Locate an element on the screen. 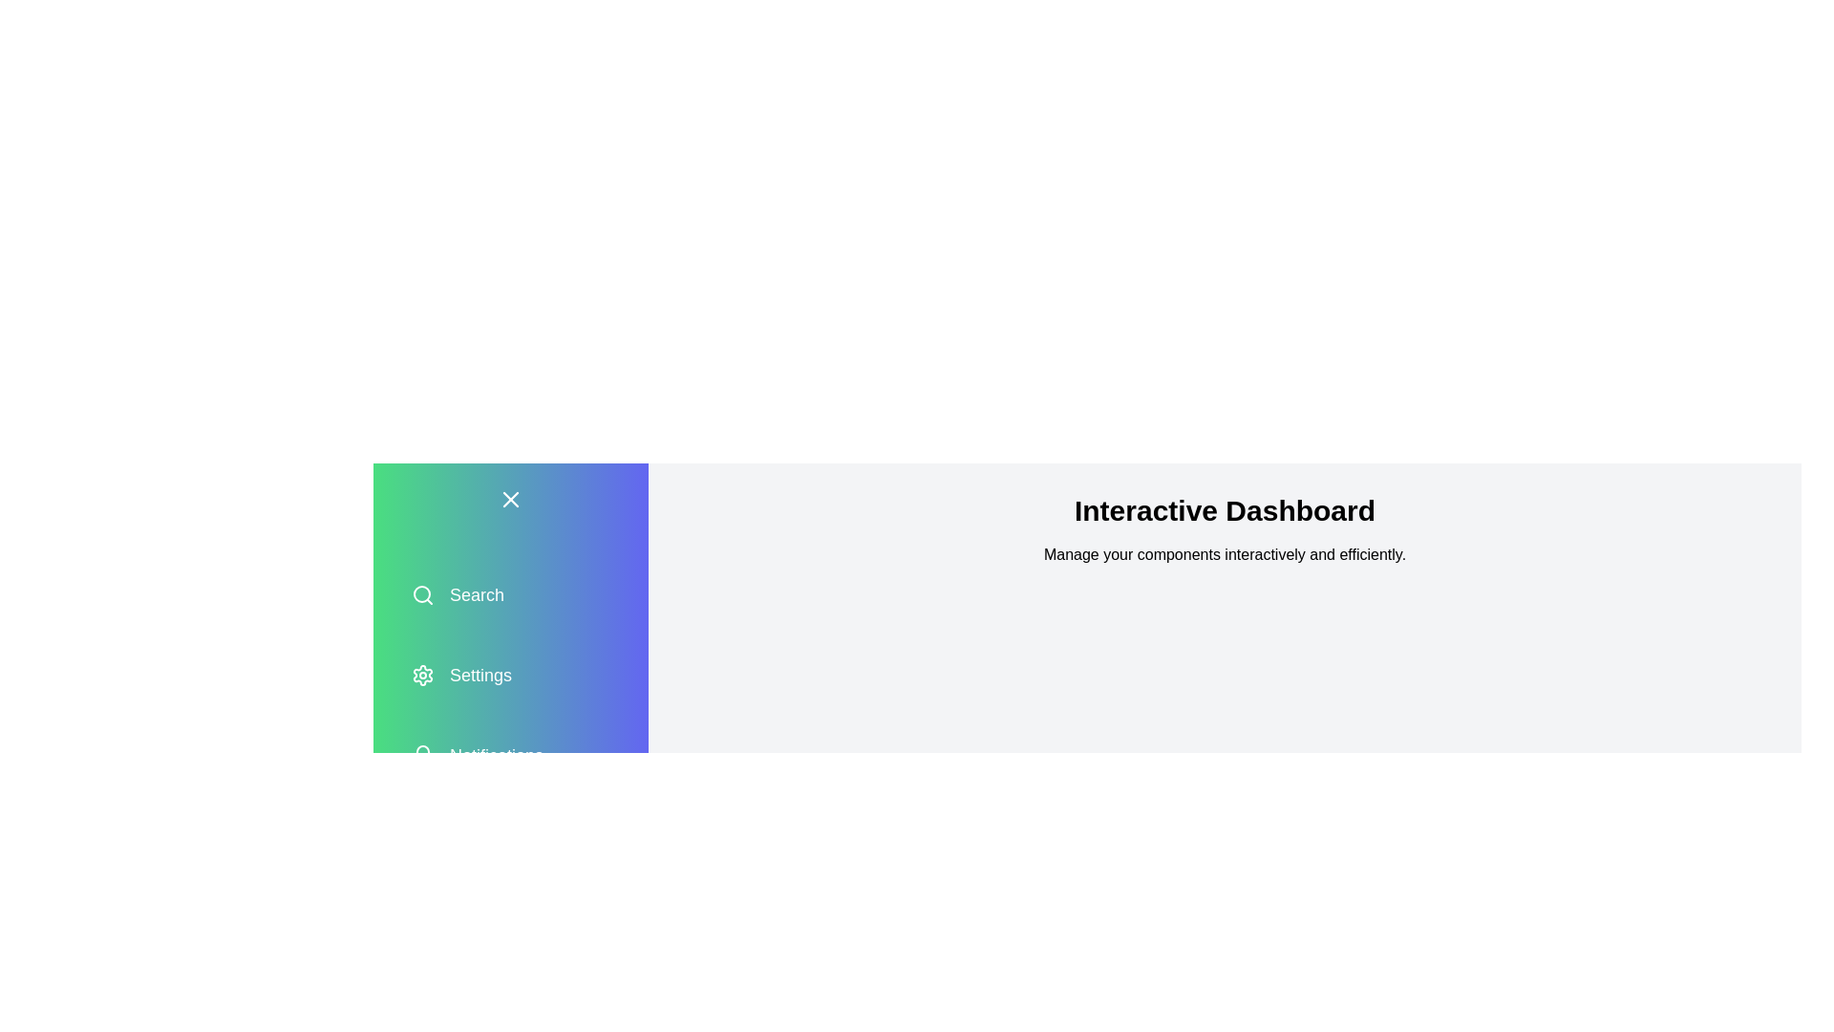 Image resolution: width=1834 pixels, height=1032 pixels. the toggle button to change the drawer's state is located at coordinates (510, 499).